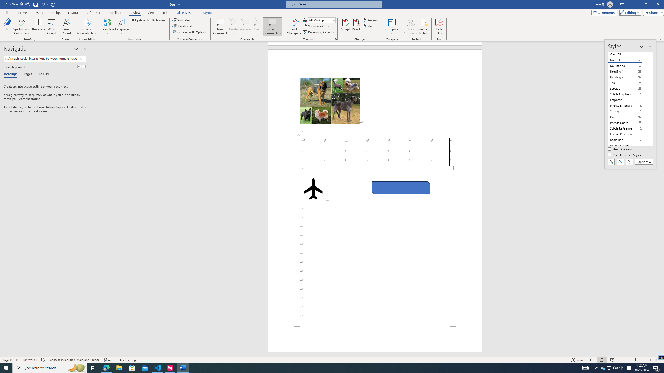  What do you see at coordinates (317, 26) in the screenshot?
I see `'Show Markup'` at bounding box center [317, 26].